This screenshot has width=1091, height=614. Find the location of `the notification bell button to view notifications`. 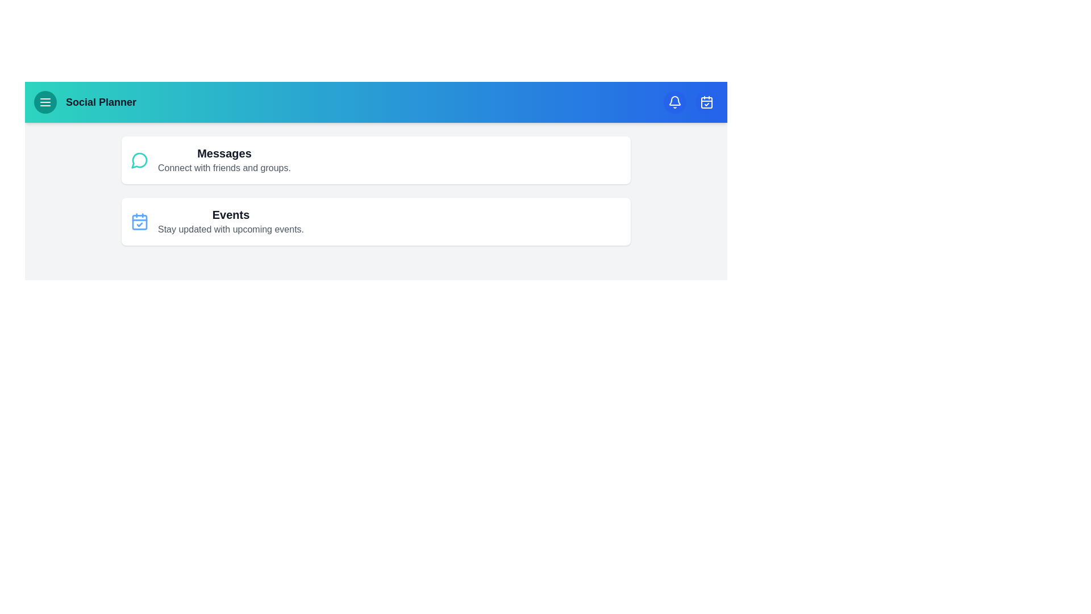

the notification bell button to view notifications is located at coordinates (675, 102).